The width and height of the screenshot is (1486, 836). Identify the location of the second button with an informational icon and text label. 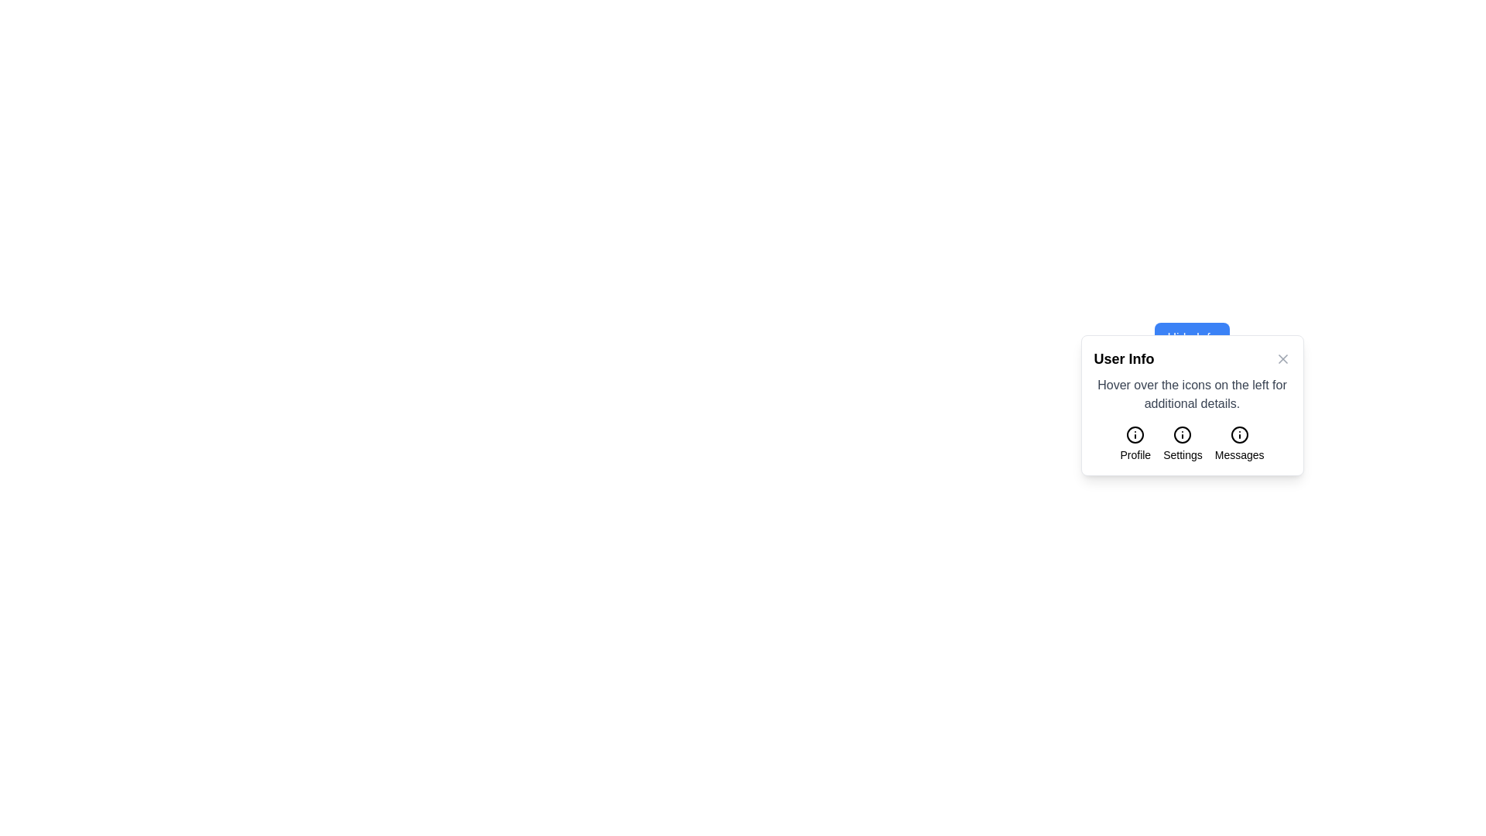
(1191, 444).